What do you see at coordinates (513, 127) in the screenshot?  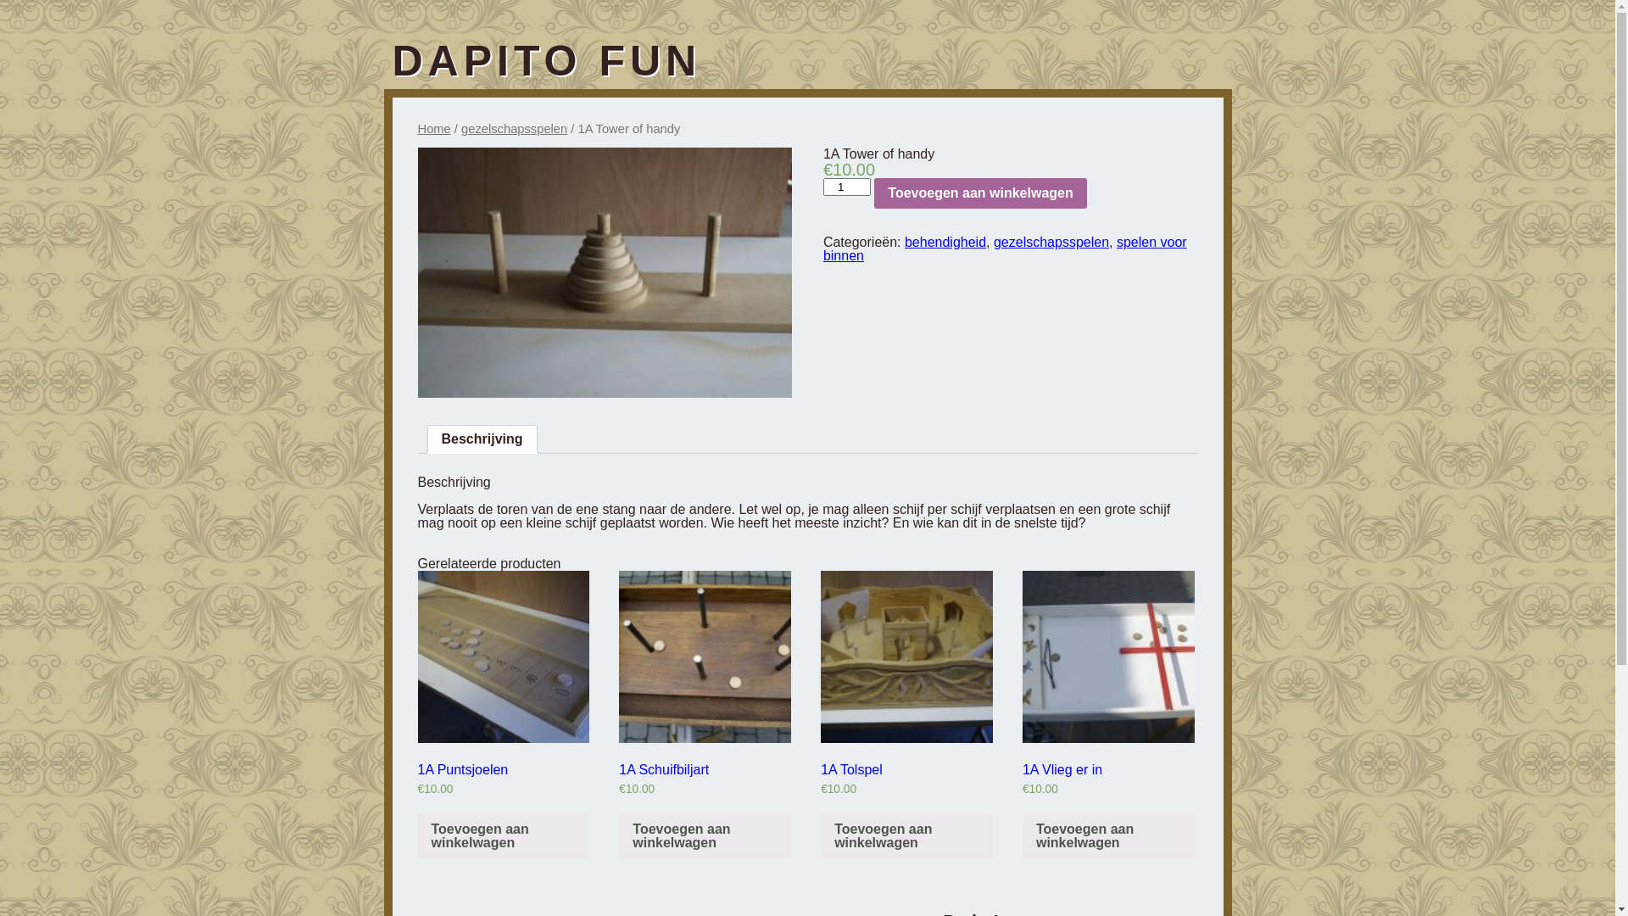 I see `'gezelschapsspelen'` at bounding box center [513, 127].